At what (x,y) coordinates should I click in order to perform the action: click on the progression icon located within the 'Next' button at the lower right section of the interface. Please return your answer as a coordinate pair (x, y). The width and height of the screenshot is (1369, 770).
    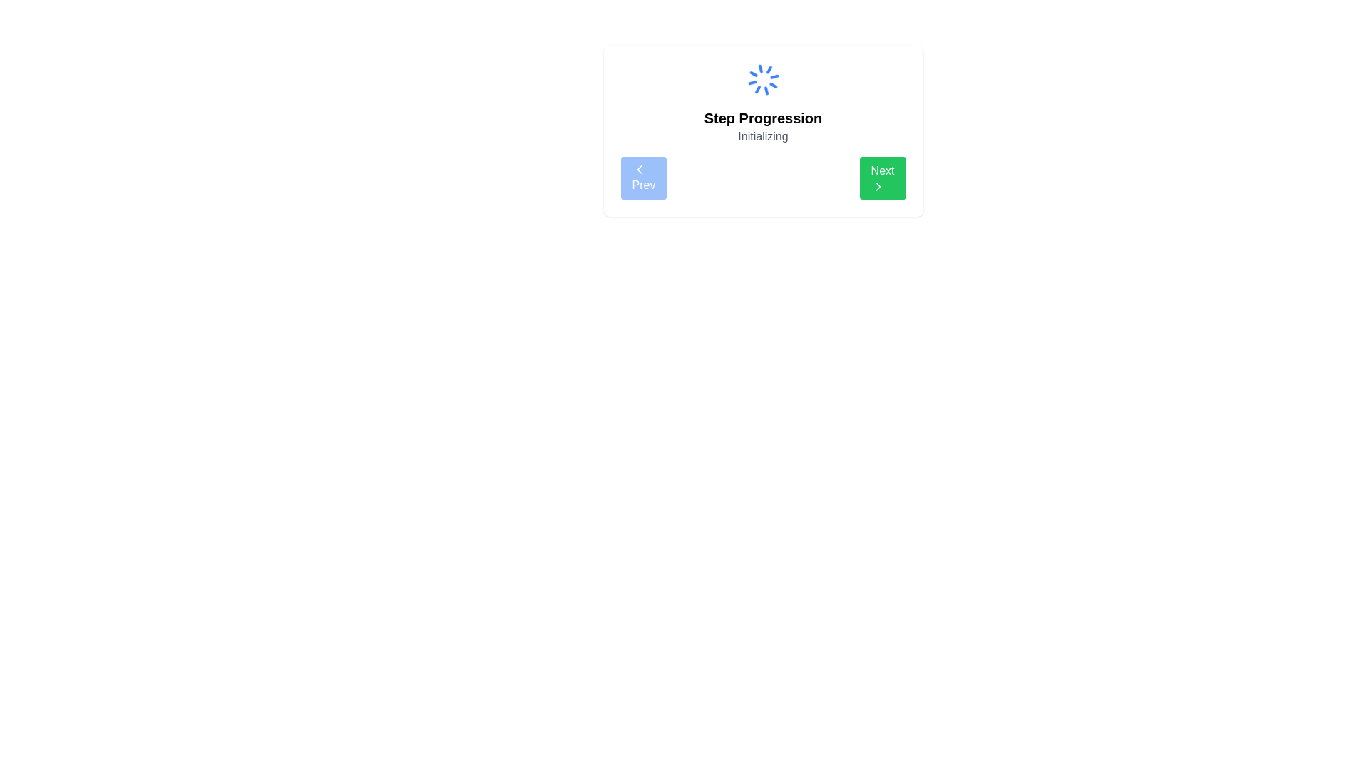
    Looking at the image, I should click on (877, 186).